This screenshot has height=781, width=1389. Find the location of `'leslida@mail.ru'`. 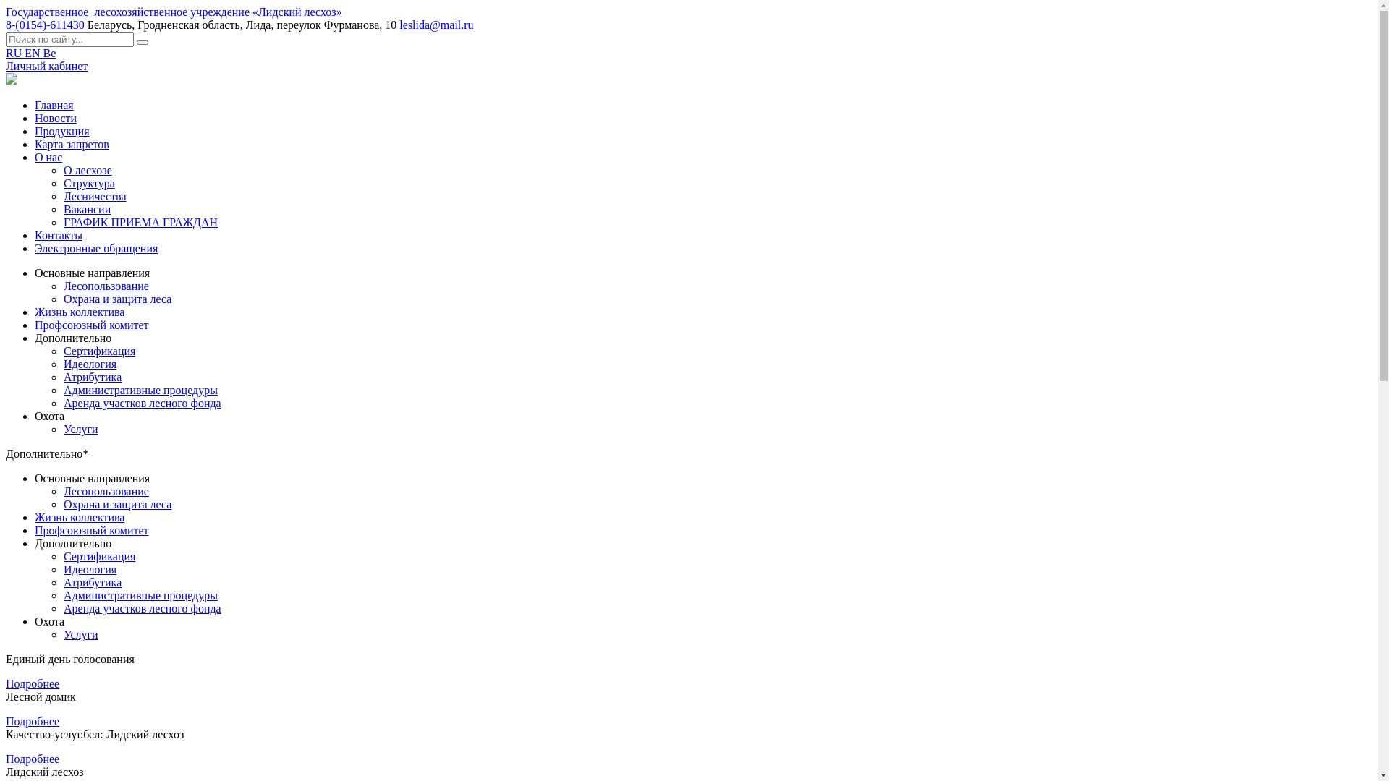

'leslida@mail.ru' is located at coordinates (436, 25).